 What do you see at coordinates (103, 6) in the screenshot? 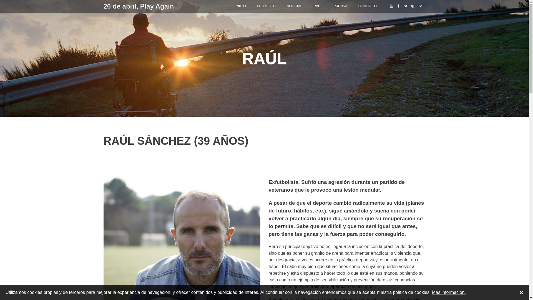
I see `'26 de abril, Play Again'` at bounding box center [103, 6].